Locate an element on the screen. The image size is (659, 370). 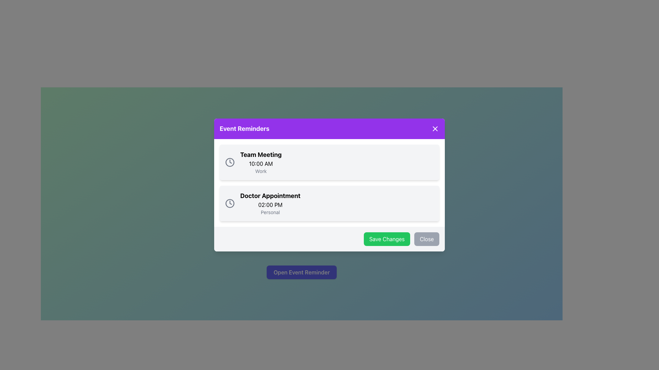
the bold text label stating 'Doctor Appointment' in the second row of the reminders list is located at coordinates (270, 196).